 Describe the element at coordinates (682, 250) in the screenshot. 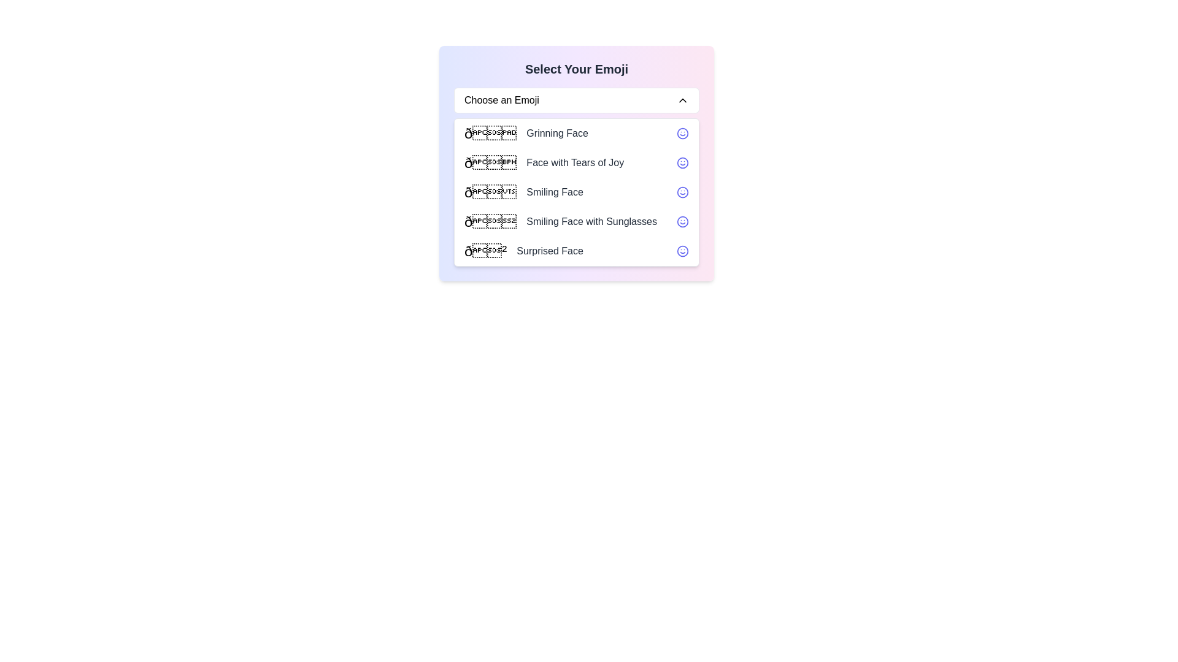

I see `the smiling face icon, which is a blue circular icon located in the far-right section of the fifth row in the emoji selection list labeled 'Surprised Face'` at that location.